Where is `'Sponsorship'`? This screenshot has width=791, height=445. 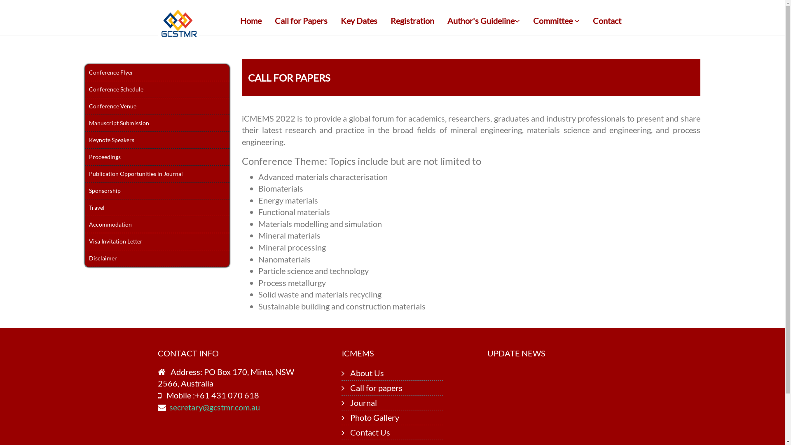
'Sponsorship' is located at coordinates (157, 191).